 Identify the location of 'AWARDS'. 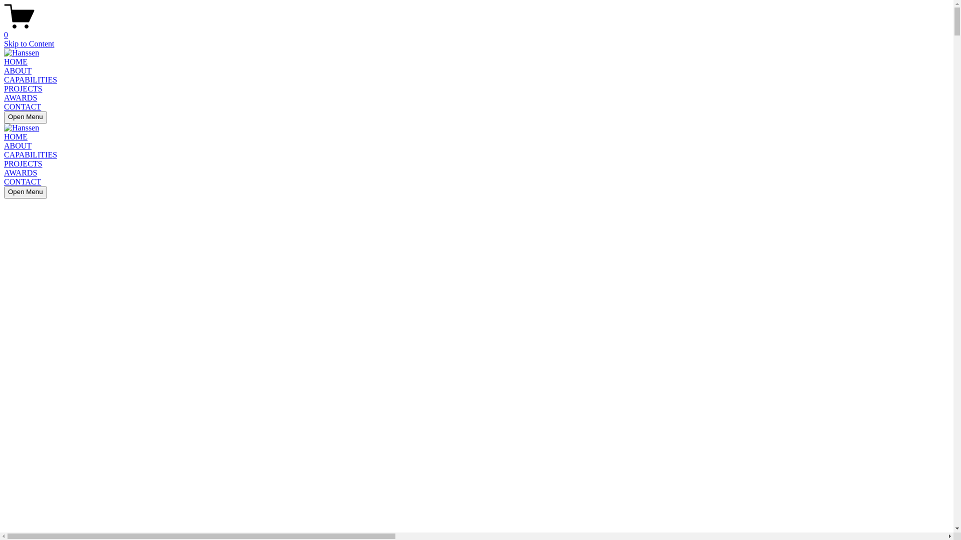
(4, 97).